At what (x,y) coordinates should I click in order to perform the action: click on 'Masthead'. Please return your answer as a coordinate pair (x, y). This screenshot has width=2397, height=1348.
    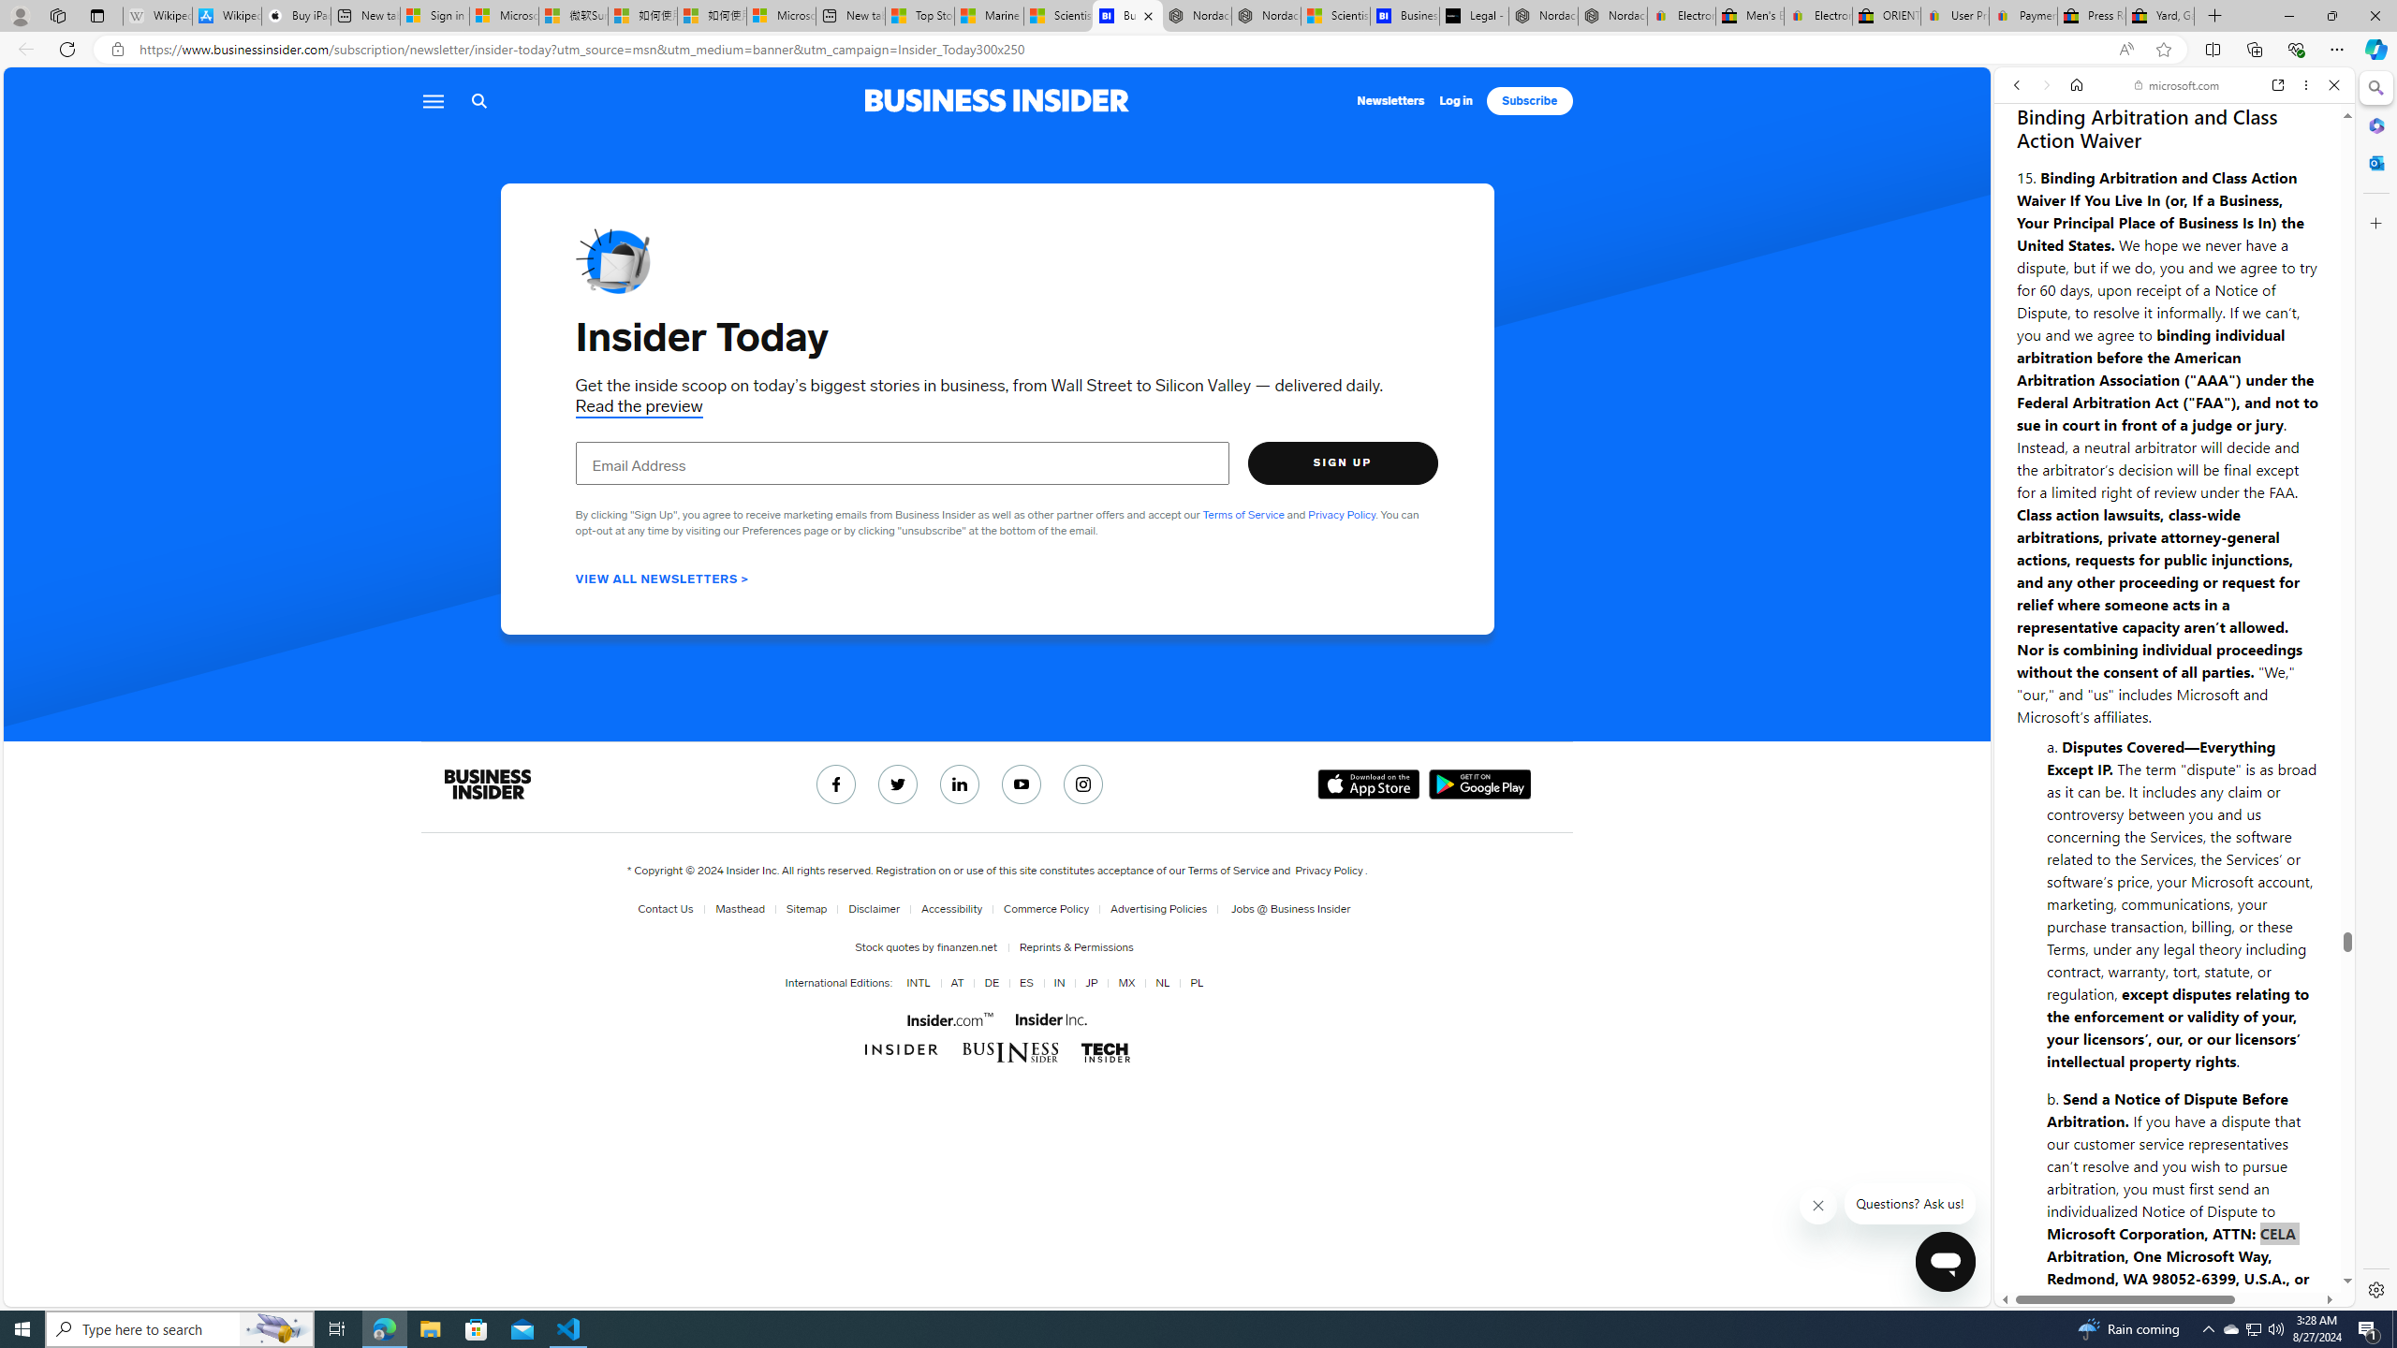
    Looking at the image, I should click on (736, 908).